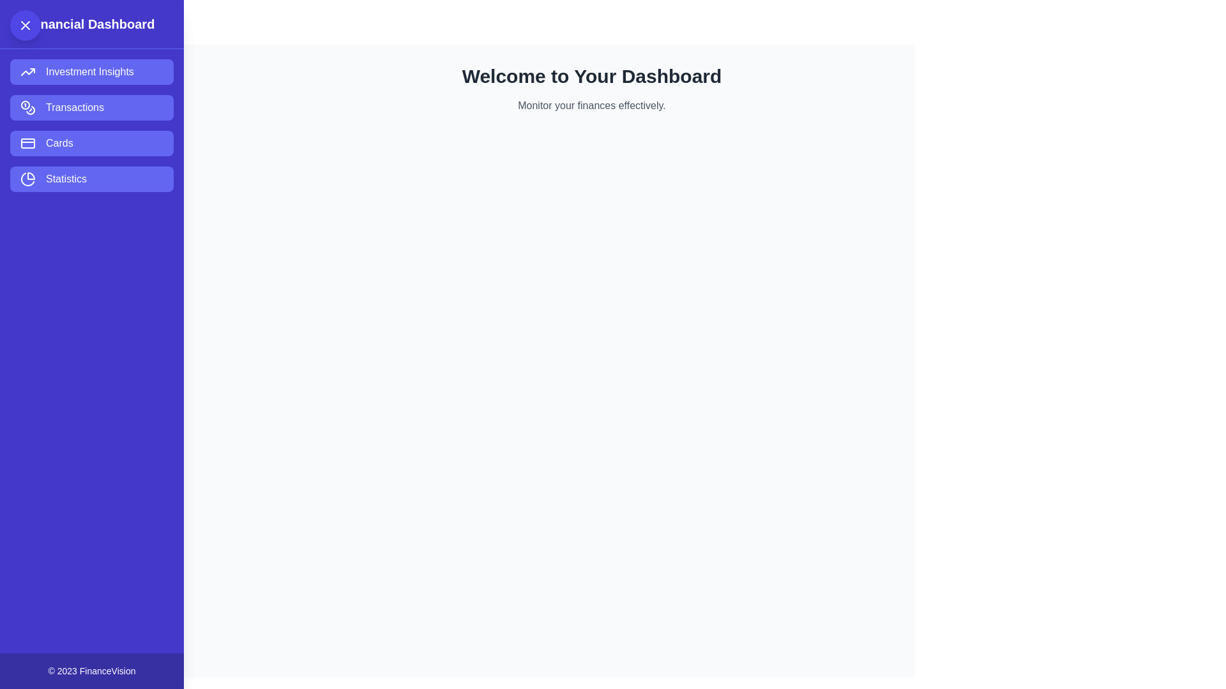 The image size is (1226, 689). What do you see at coordinates (91, 24) in the screenshot?
I see `the 'Financial Dashboard' label, which is a bold, large-font title located at the top of the sidebar with a blue background` at bounding box center [91, 24].